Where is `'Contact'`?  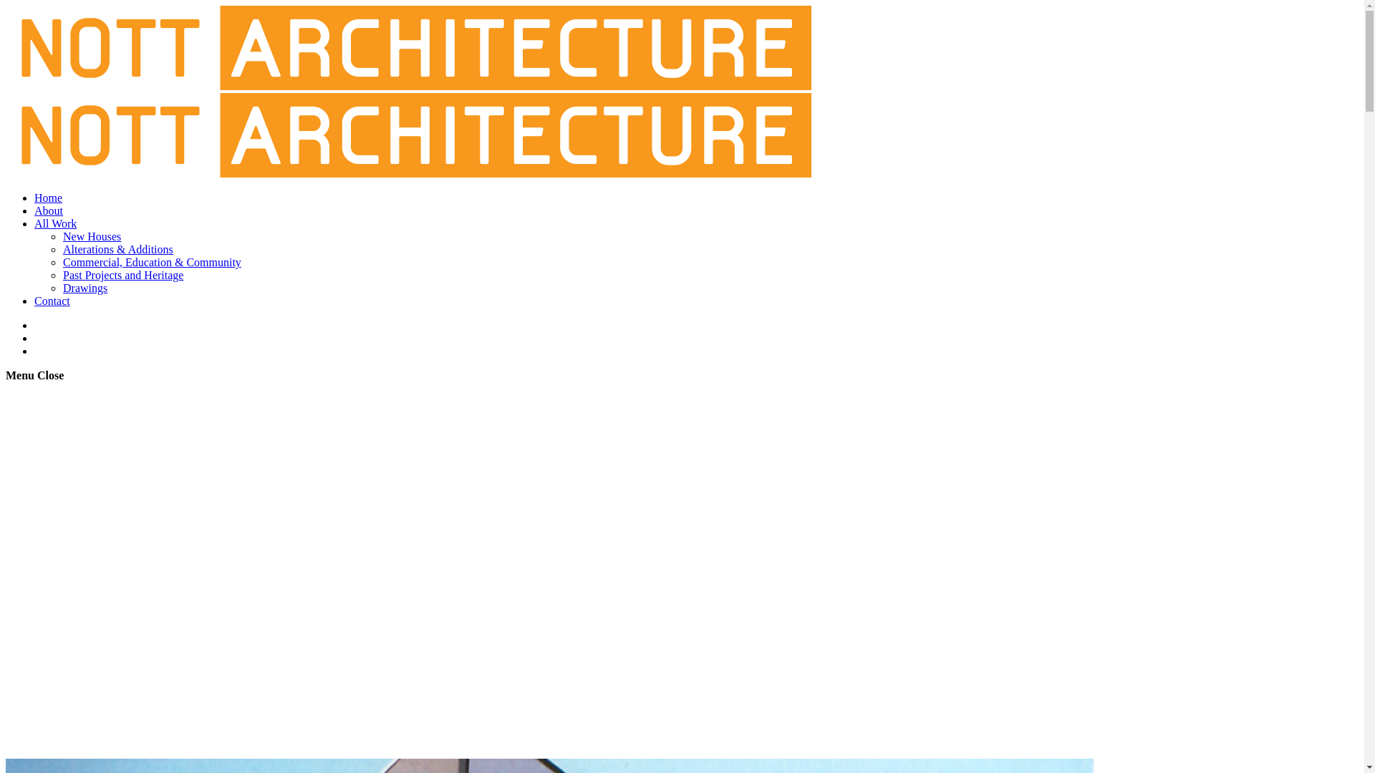
'Contact' is located at coordinates (52, 300).